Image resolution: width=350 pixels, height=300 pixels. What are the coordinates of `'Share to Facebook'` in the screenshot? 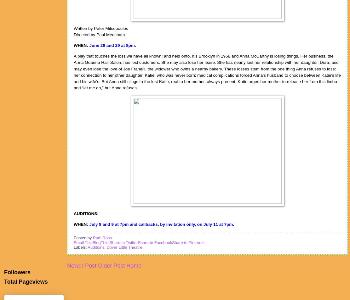 It's located at (137, 242).